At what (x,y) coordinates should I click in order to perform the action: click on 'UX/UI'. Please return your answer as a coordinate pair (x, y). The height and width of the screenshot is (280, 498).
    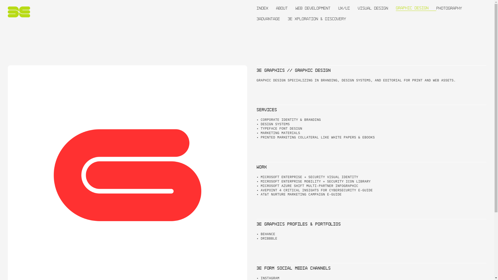
    Looking at the image, I should click on (348, 5).